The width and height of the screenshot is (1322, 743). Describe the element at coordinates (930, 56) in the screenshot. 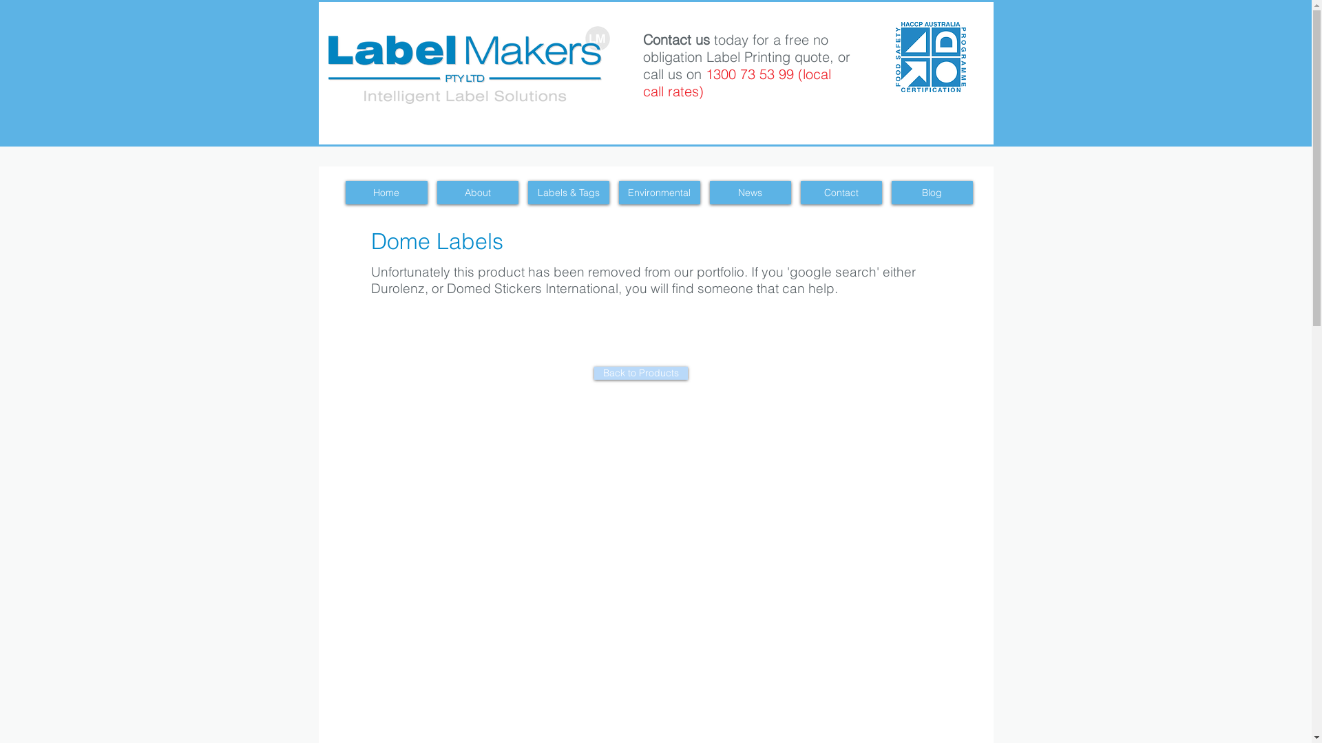

I see `'haccp aust cert blue.png'` at that location.